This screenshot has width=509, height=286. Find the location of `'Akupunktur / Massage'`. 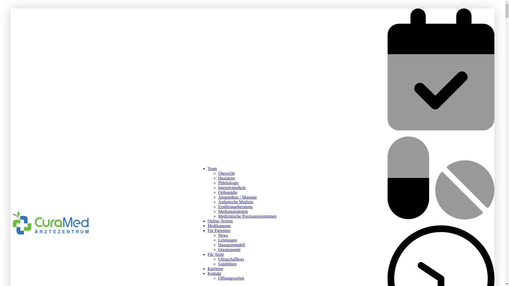

'Akupunktur / Massage' is located at coordinates (237, 197).